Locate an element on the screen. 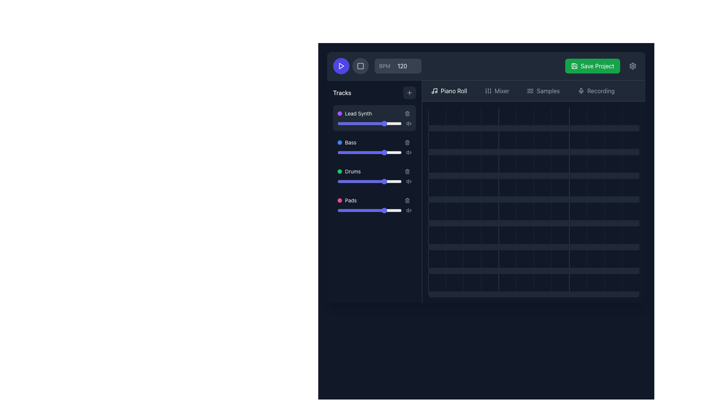 This screenshot has height=401, width=713. the slider is located at coordinates (362, 211).